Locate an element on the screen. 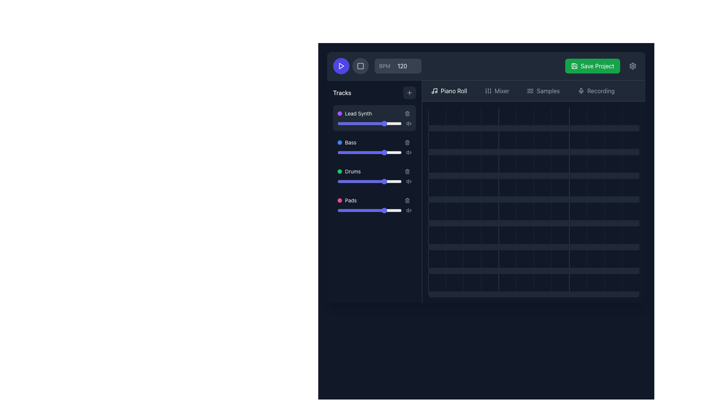 This screenshot has height=401, width=713. the slider is located at coordinates (362, 211).